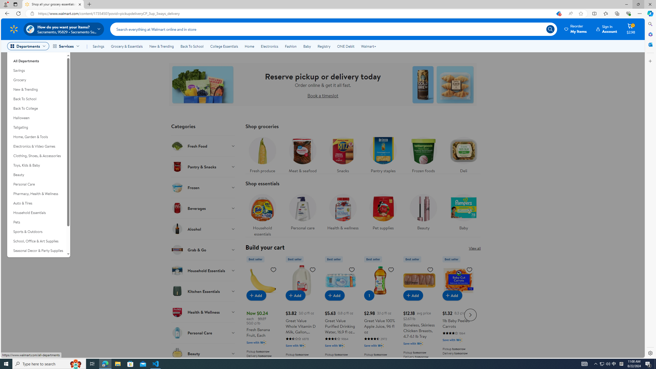  What do you see at coordinates (13, 29) in the screenshot?
I see `'Walmart Homepage'` at bounding box center [13, 29].